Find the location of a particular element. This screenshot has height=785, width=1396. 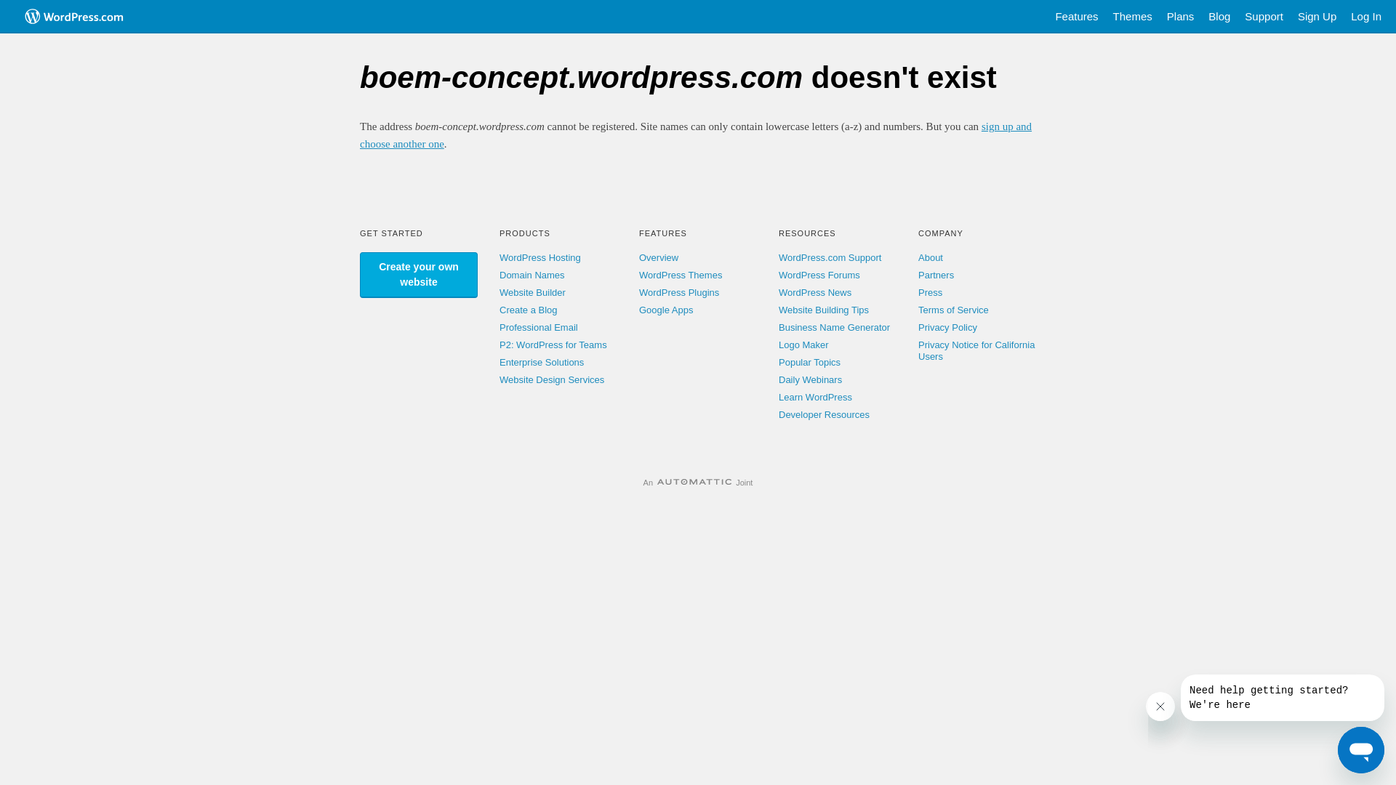

'Website Builder' is located at coordinates (531, 292).